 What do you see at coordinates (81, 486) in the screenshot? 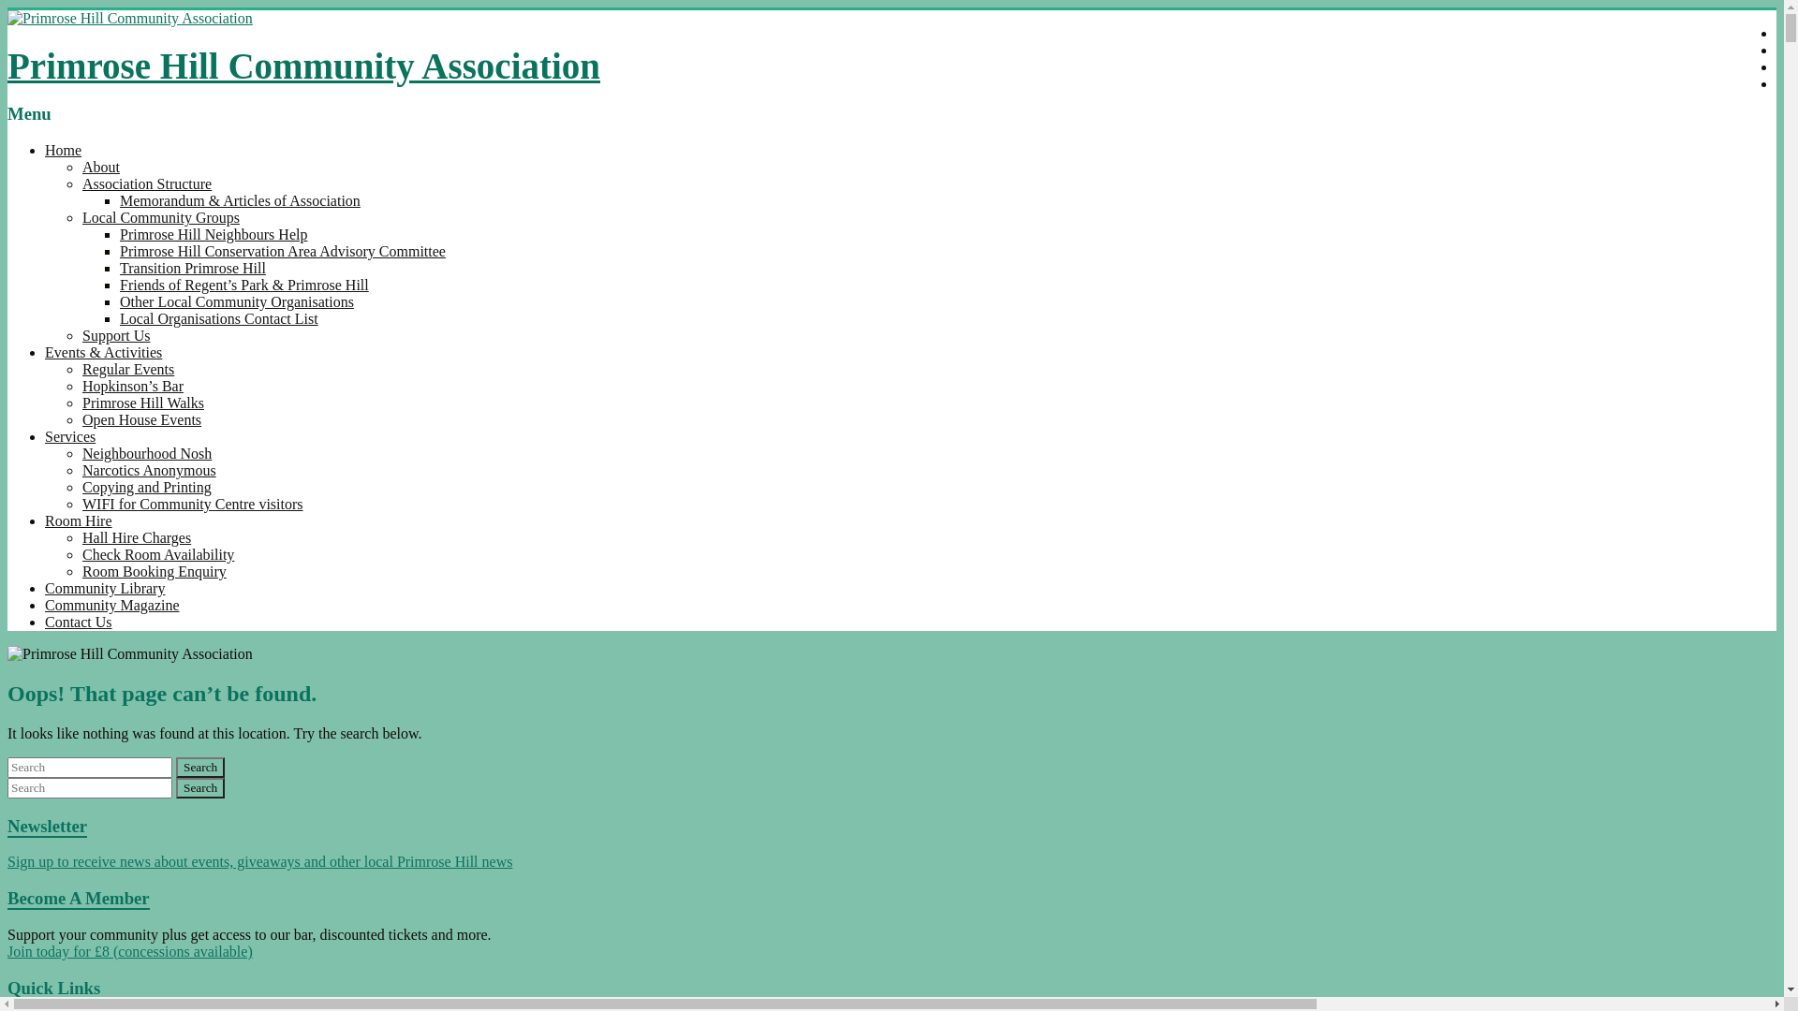
I see `'Copying and Printing'` at bounding box center [81, 486].